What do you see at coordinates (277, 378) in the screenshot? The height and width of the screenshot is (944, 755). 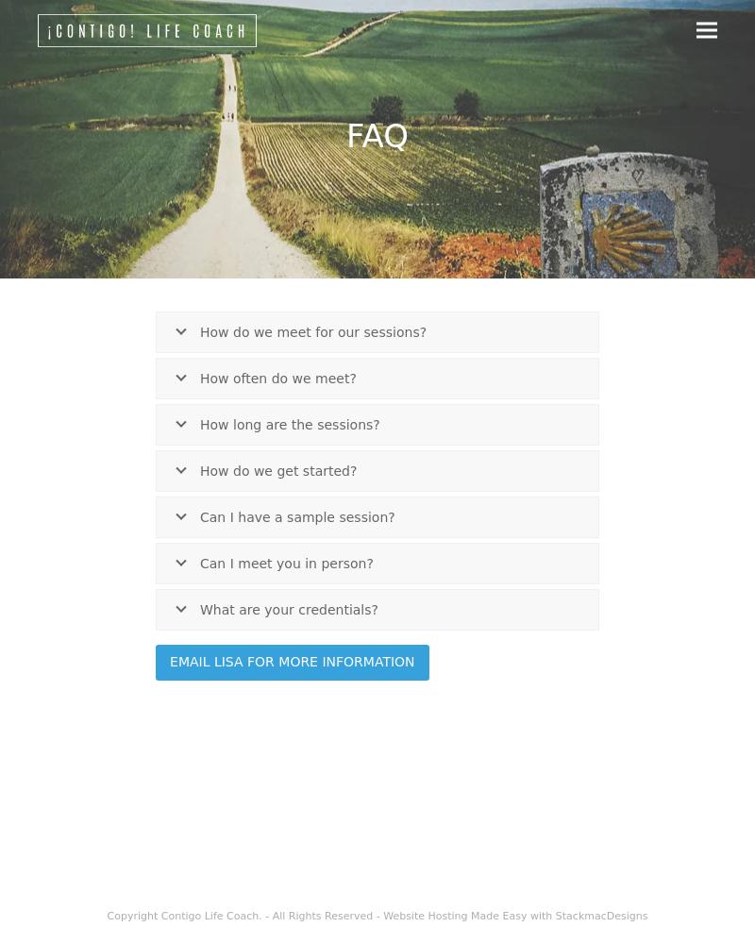 I see `'How often do we meet?'` at bounding box center [277, 378].